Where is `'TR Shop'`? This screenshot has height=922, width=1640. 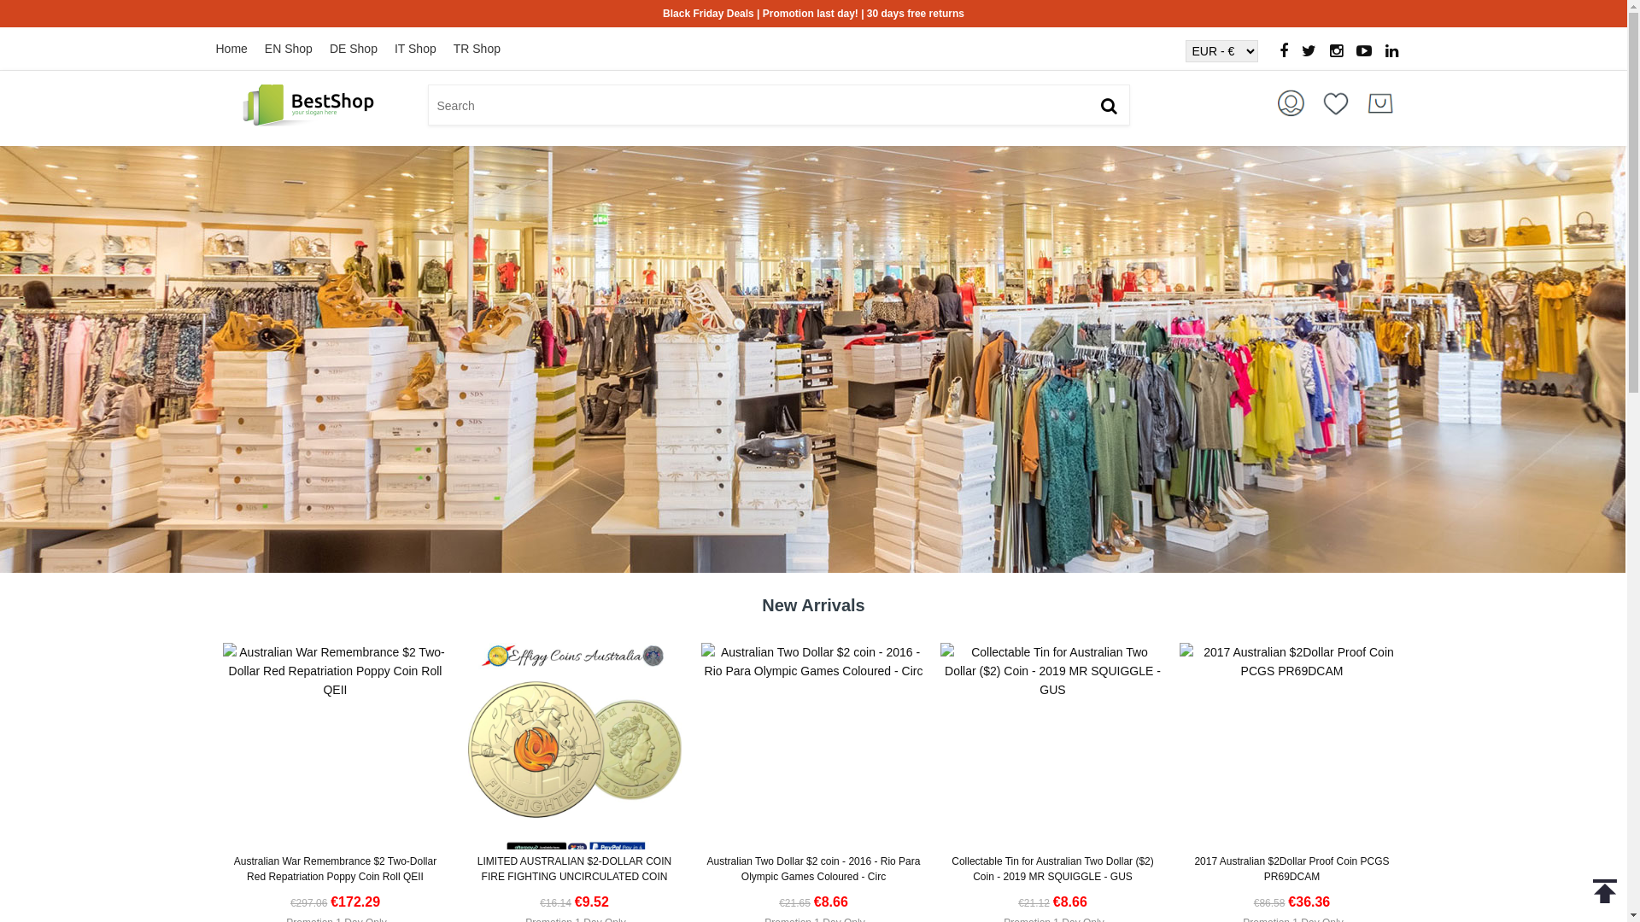 'TR Shop' is located at coordinates (454, 48).